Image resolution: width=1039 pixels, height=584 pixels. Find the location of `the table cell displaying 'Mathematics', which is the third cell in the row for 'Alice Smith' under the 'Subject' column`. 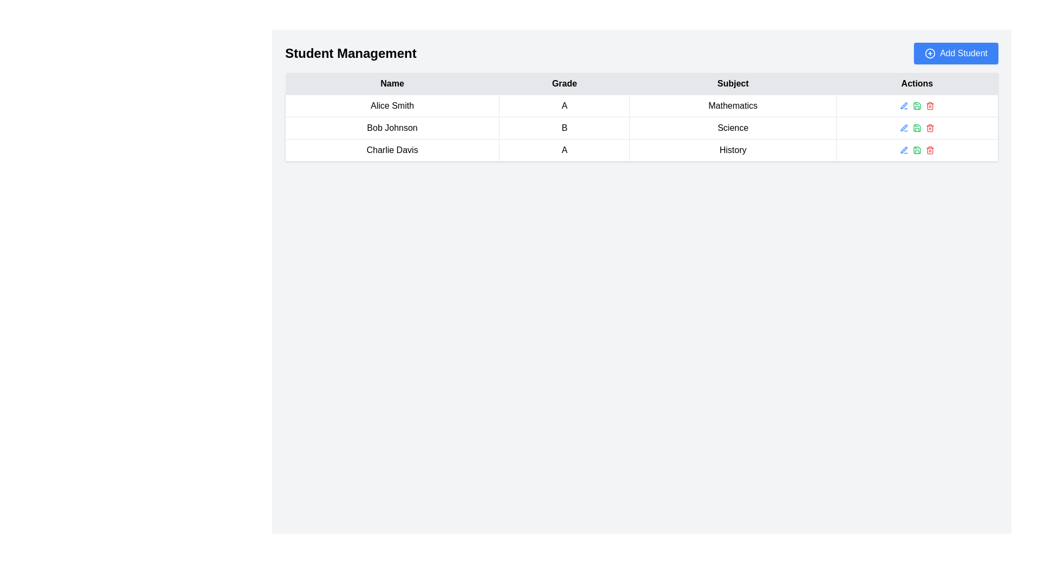

the table cell displaying 'Mathematics', which is the third cell in the row for 'Alice Smith' under the 'Subject' column is located at coordinates (733, 106).